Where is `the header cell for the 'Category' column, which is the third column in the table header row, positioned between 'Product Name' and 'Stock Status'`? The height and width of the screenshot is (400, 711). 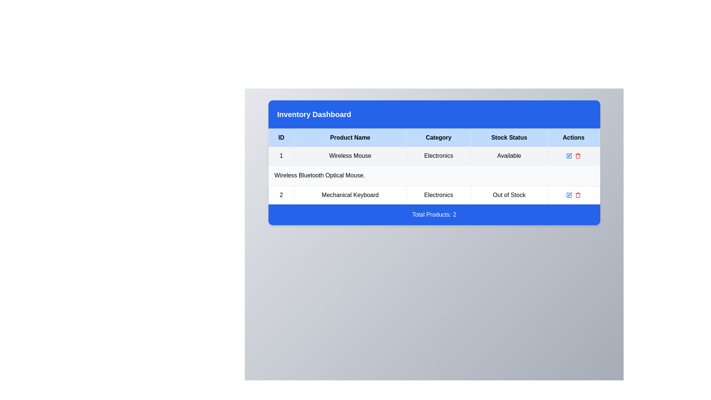 the header cell for the 'Category' column, which is the third column in the table header row, positioned between 'Product Name' and 'Stock Status' is located at coordinates (438, 137).